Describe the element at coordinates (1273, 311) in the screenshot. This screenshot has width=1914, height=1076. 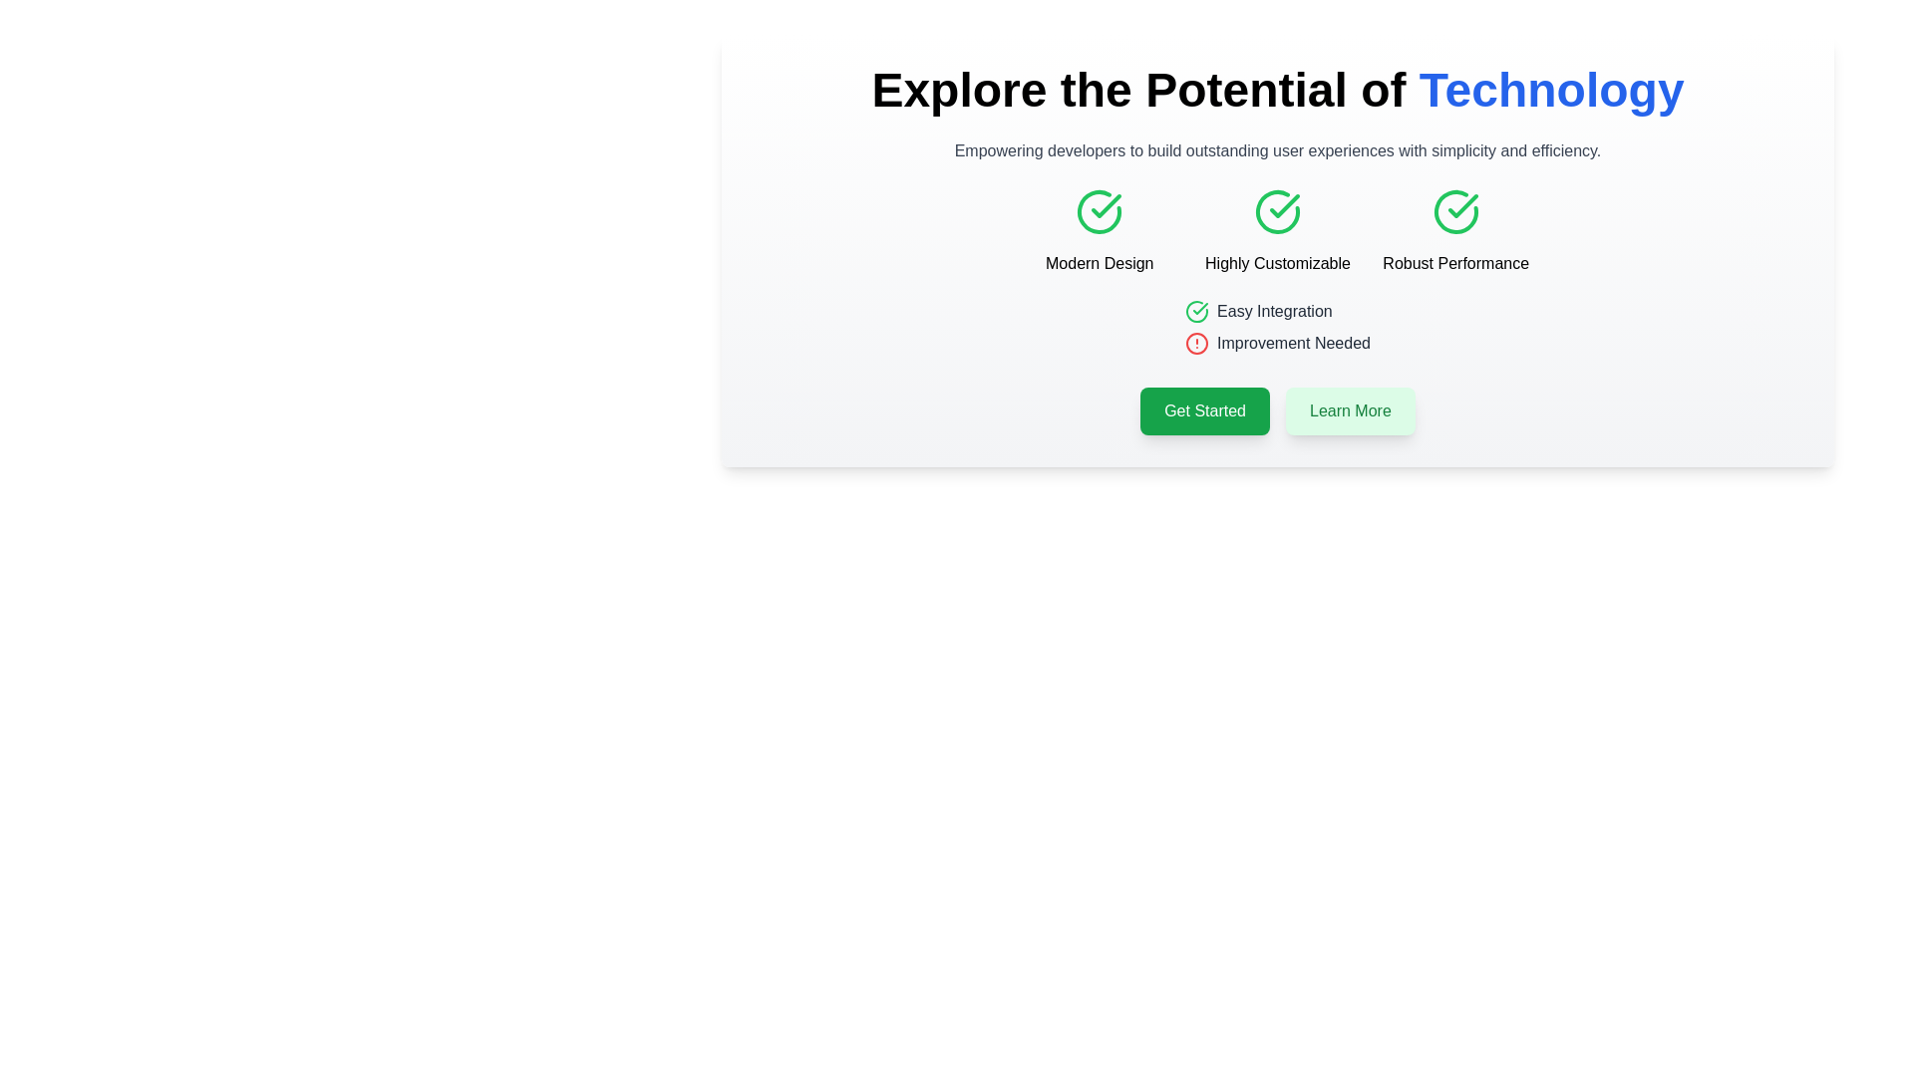
I see `the 'Easy Integration' label text, which is displayed in dark gray and located in the second row of the feature section, adjacent to a checkmark icon` at that location.